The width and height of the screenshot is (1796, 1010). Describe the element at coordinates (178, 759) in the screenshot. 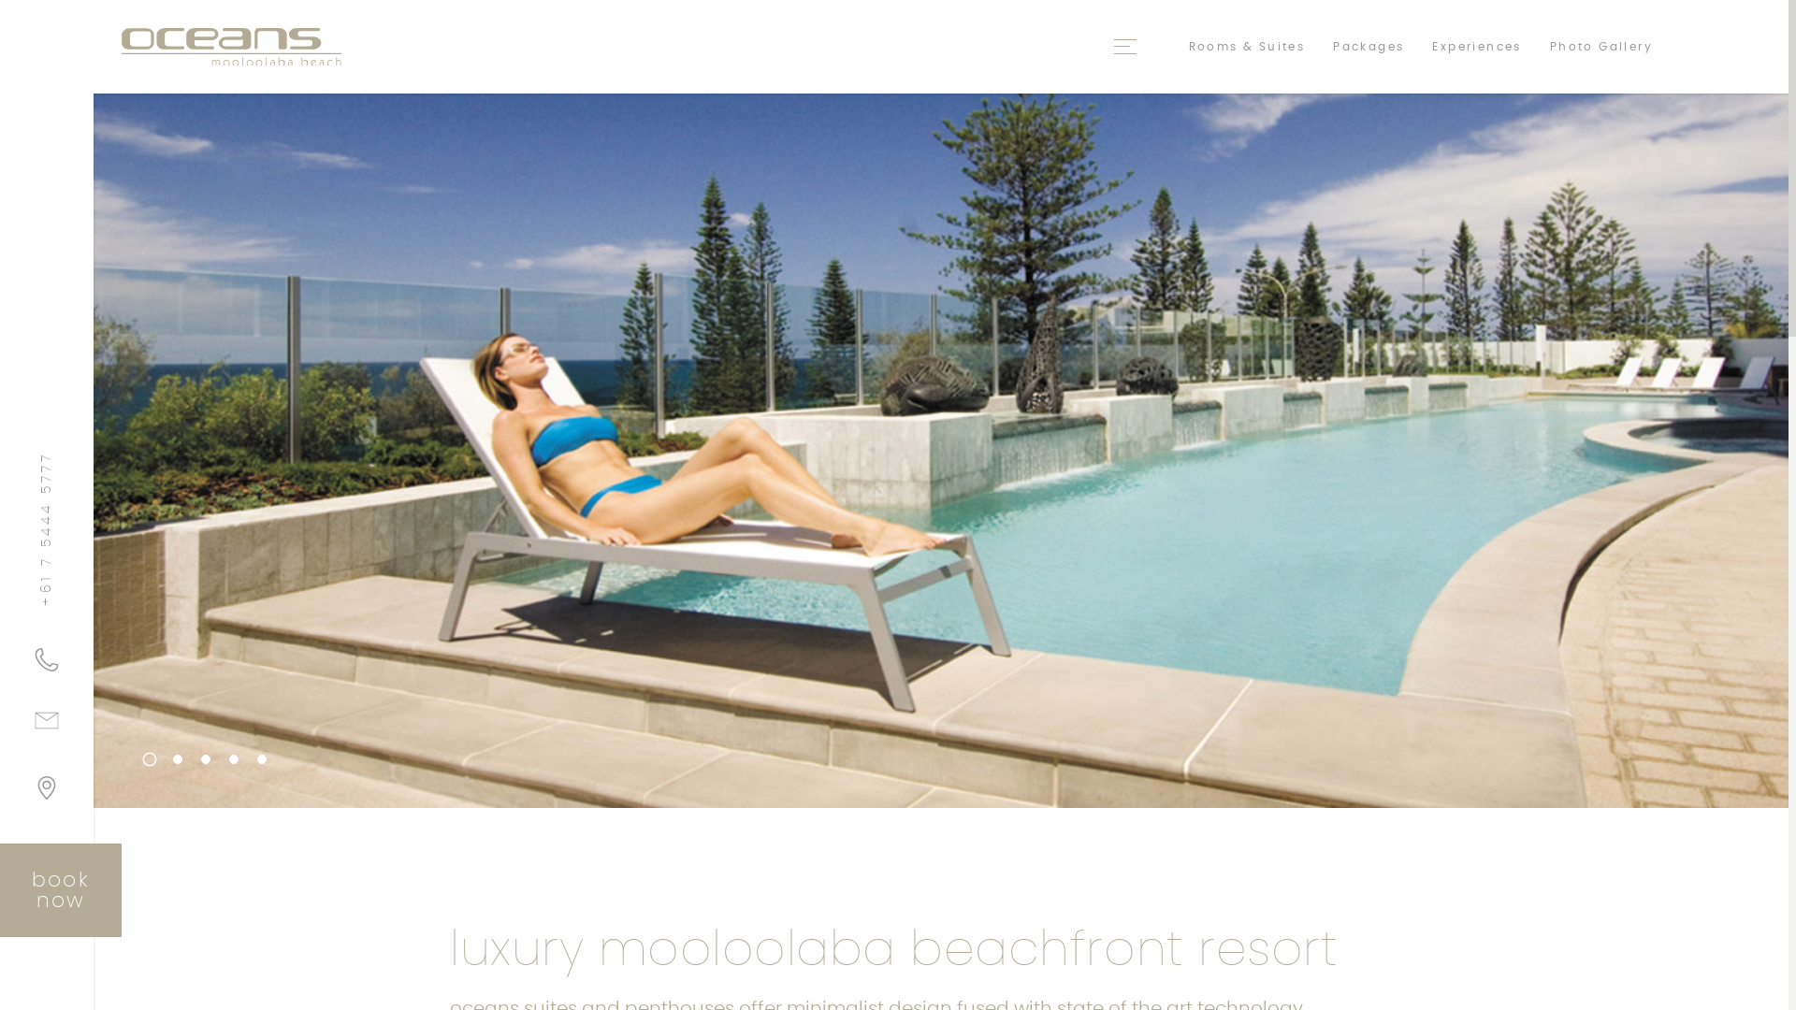

I see `'2'` at that location.